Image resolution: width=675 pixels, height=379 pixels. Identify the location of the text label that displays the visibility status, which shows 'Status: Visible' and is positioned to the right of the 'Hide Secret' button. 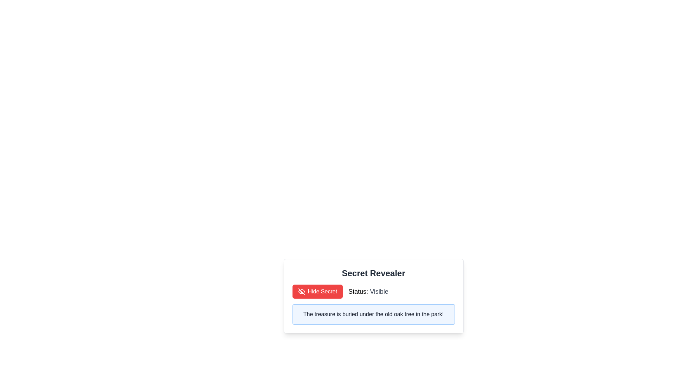
(368, 291).